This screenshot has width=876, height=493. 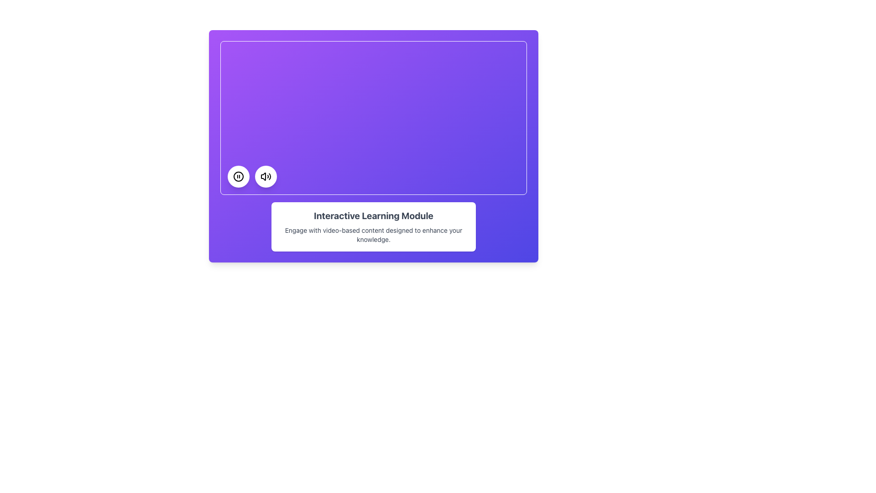 I want to click on information displayed in the Informational Card titled 'Interactive Learning Module', which contains a description about engaging with video-based content, so click(x=374, y=226).